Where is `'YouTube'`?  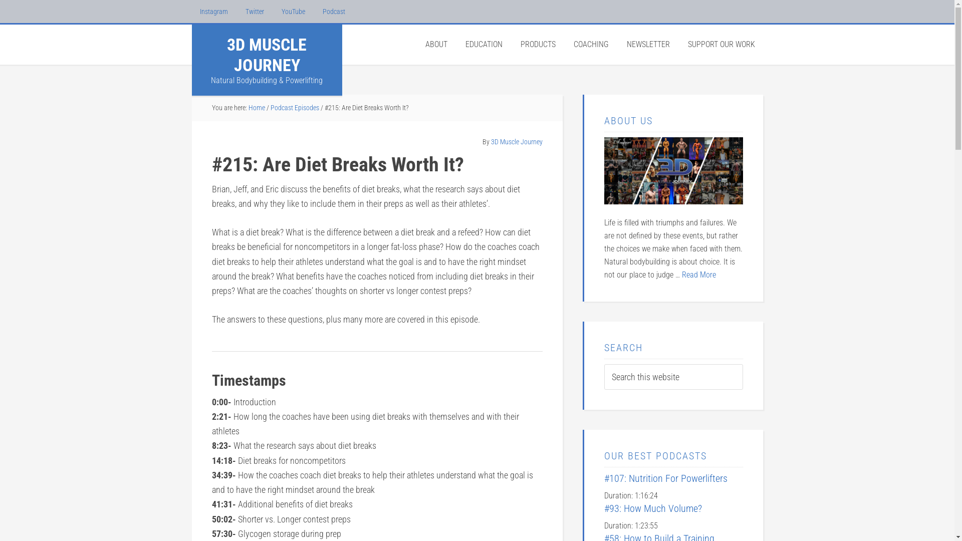 'YouTube' is located at coordinates (293, 12).